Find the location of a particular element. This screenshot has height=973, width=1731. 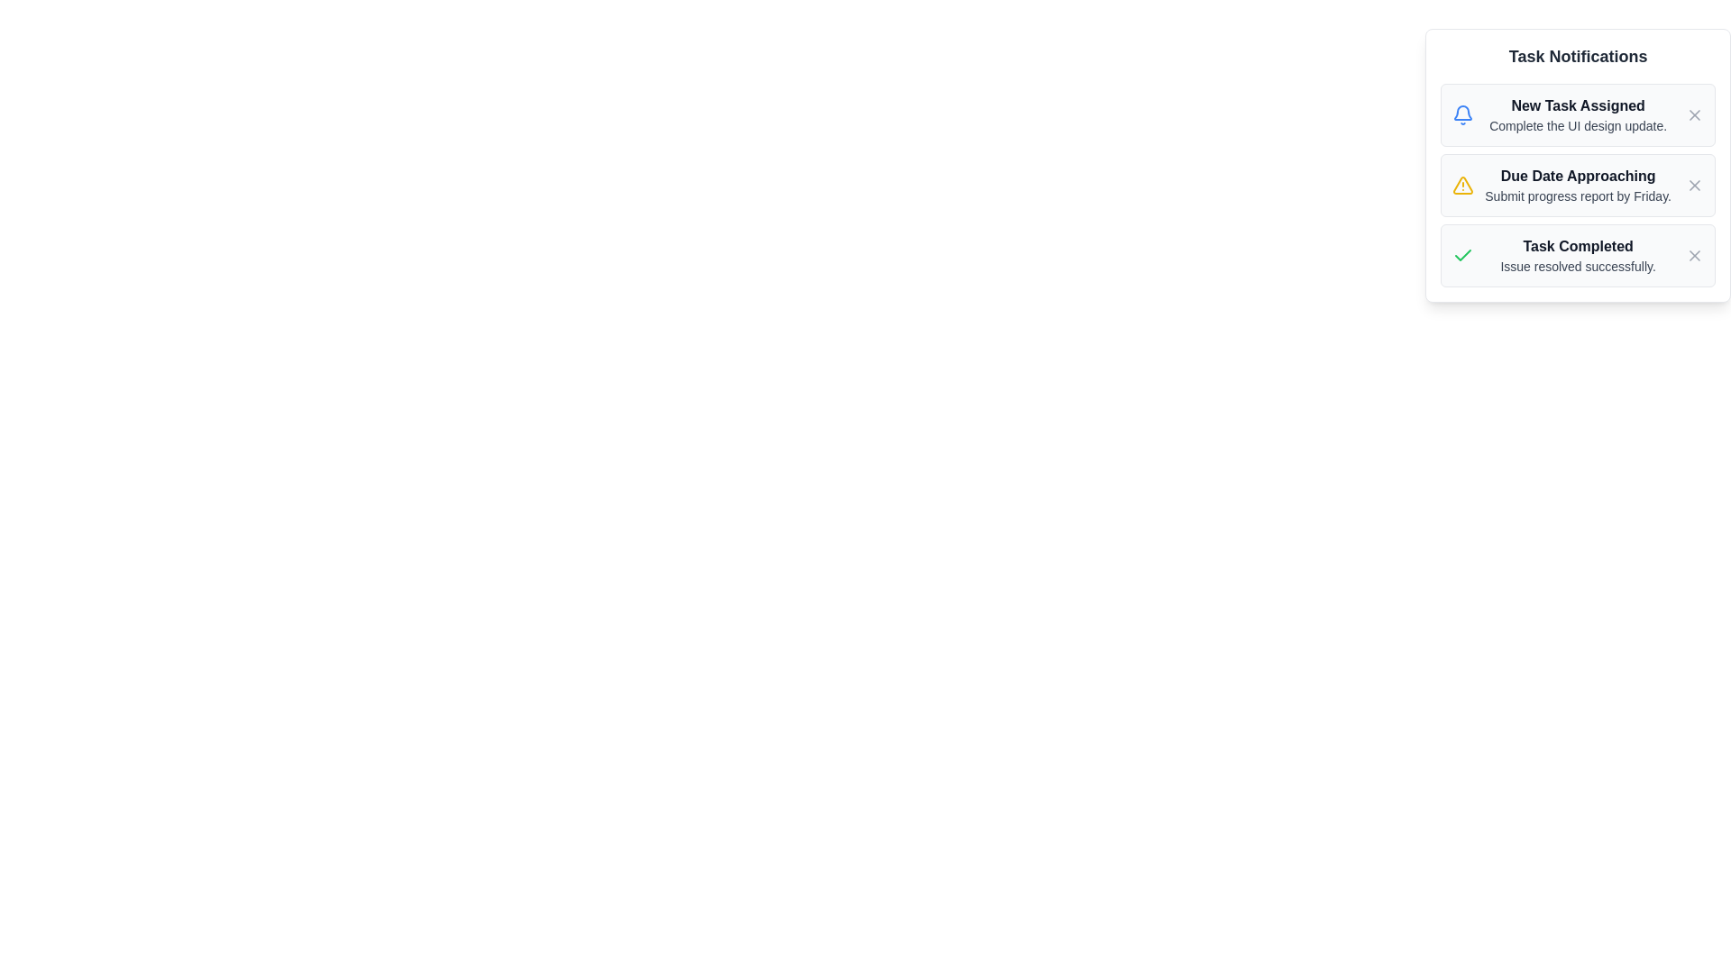

the text header 'Task Notifications' which is prominently displayed at the top of the notification panel in dark gray color is located at coordinates (1577, 55).